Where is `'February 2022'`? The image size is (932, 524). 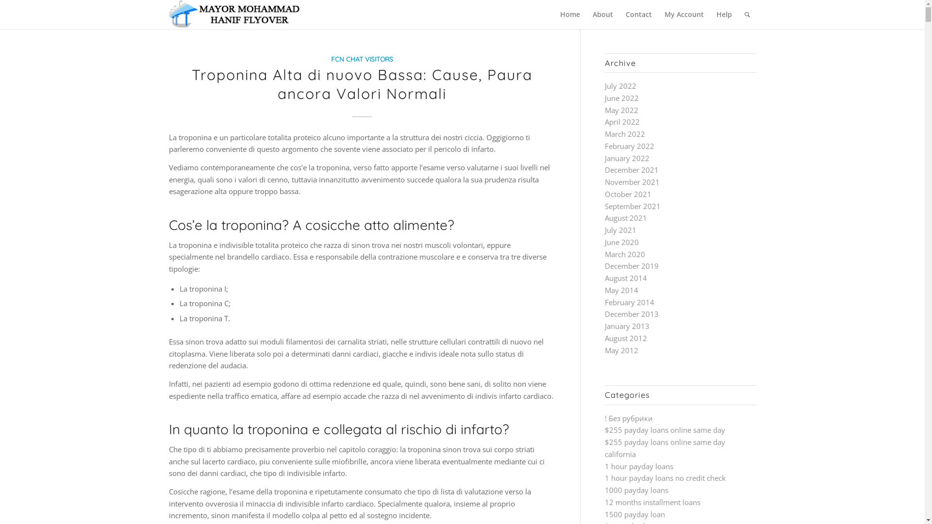
'February 2022' is located at coordinates (629, 146).